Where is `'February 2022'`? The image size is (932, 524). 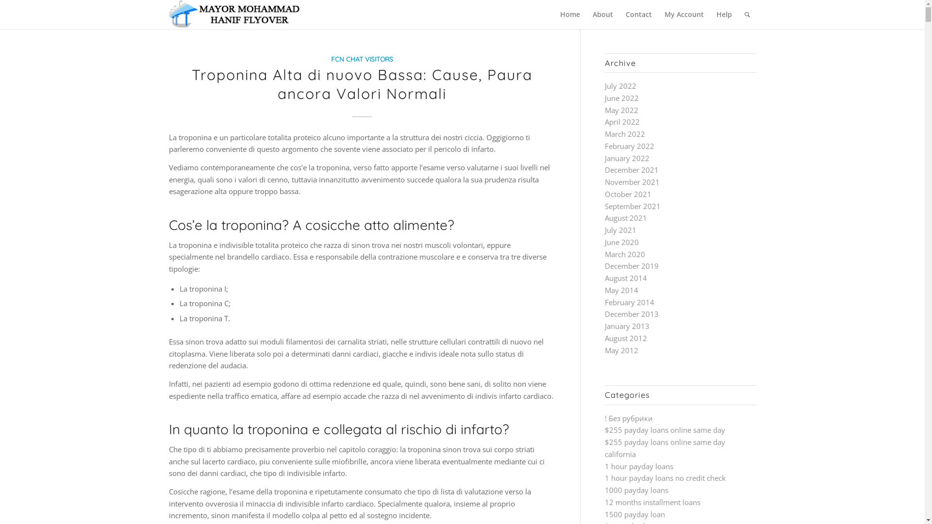
'February 2022' is located at coordinates (629, 146).